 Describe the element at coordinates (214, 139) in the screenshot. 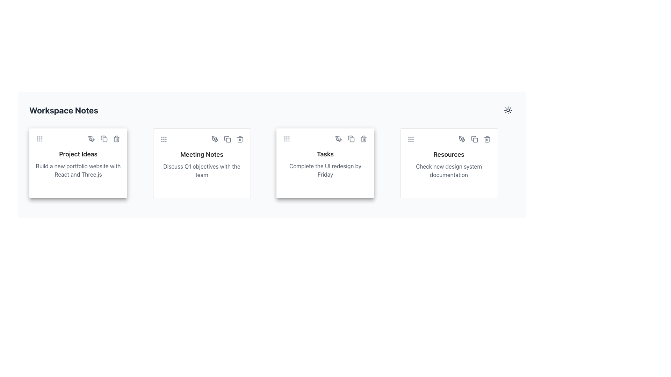

I see `the pen icon, which is styled in gray and resembles a pointed tip, located in the horizontal array of tools at the top-right corner of the 'Meeting Notes' card` at that location.